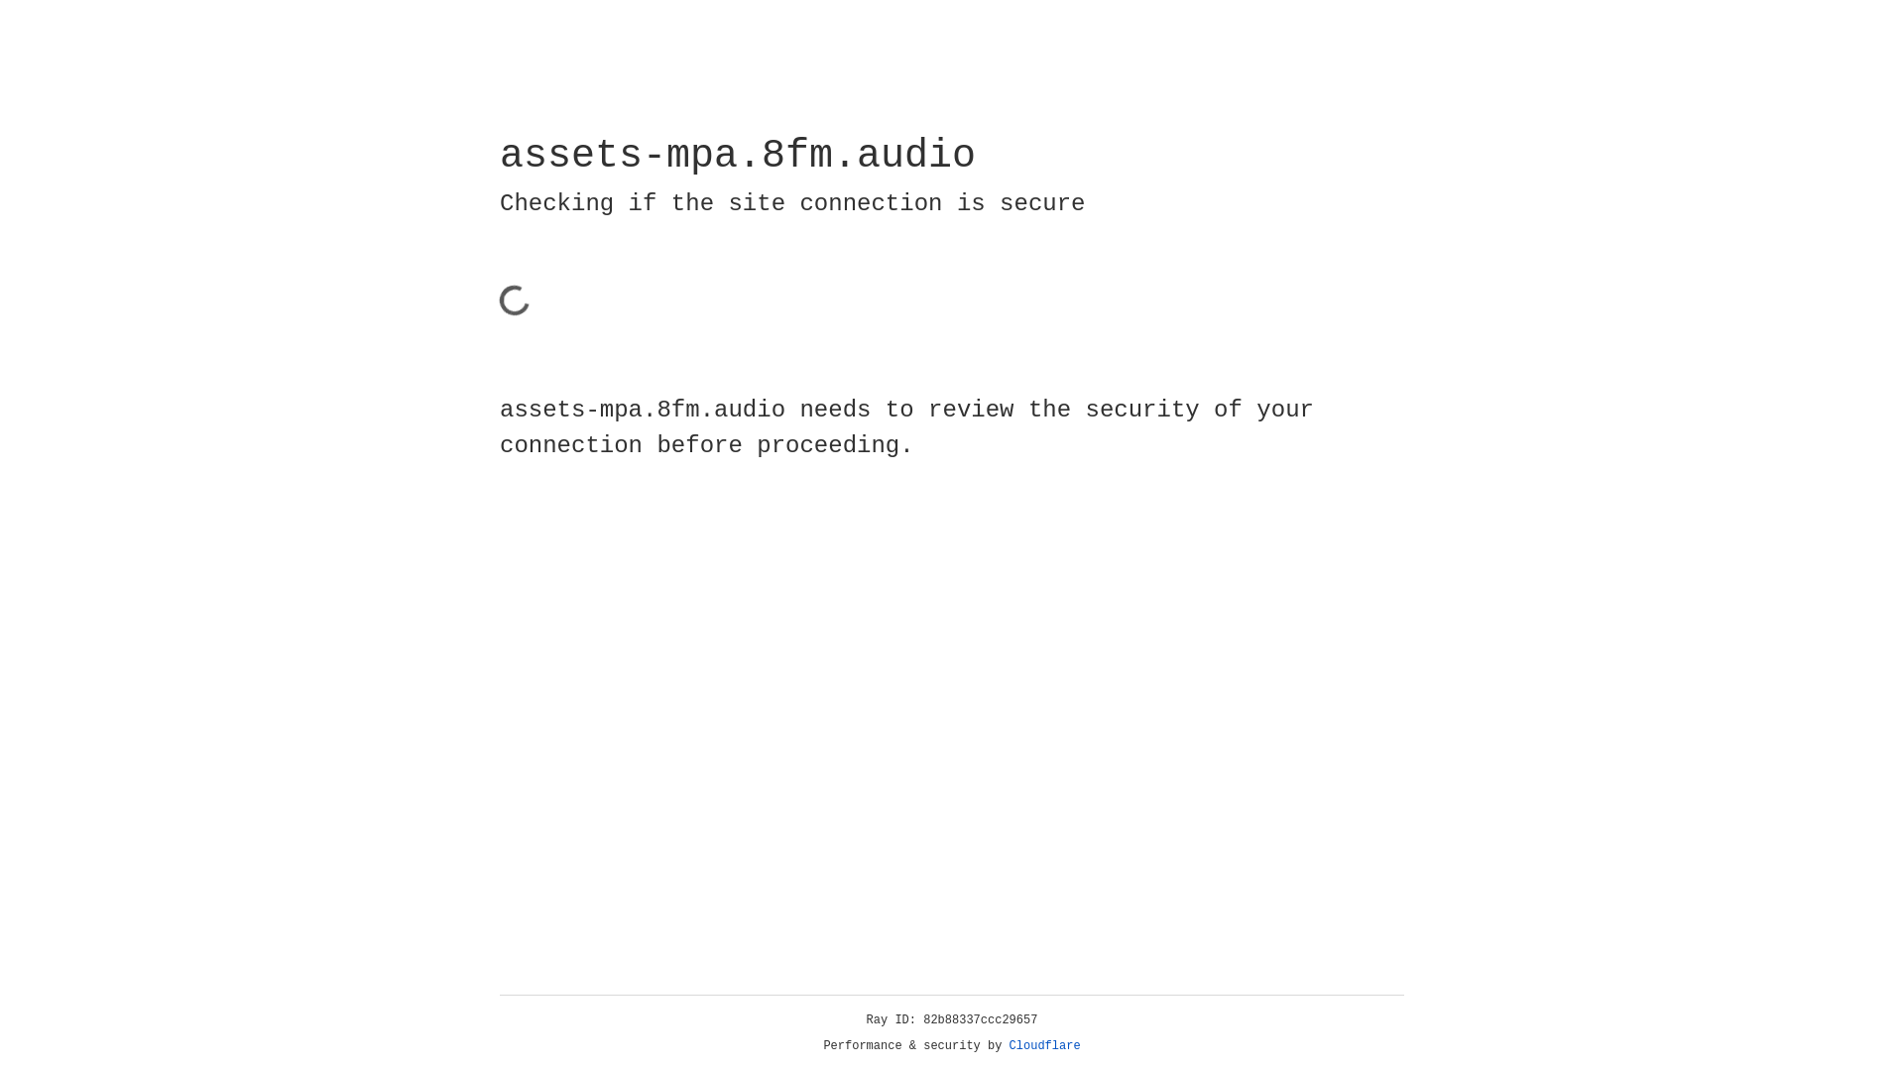  Describe the element at coordinates (1044, 1045) in the screenshot. I see `'Cloudflare'` at that location.